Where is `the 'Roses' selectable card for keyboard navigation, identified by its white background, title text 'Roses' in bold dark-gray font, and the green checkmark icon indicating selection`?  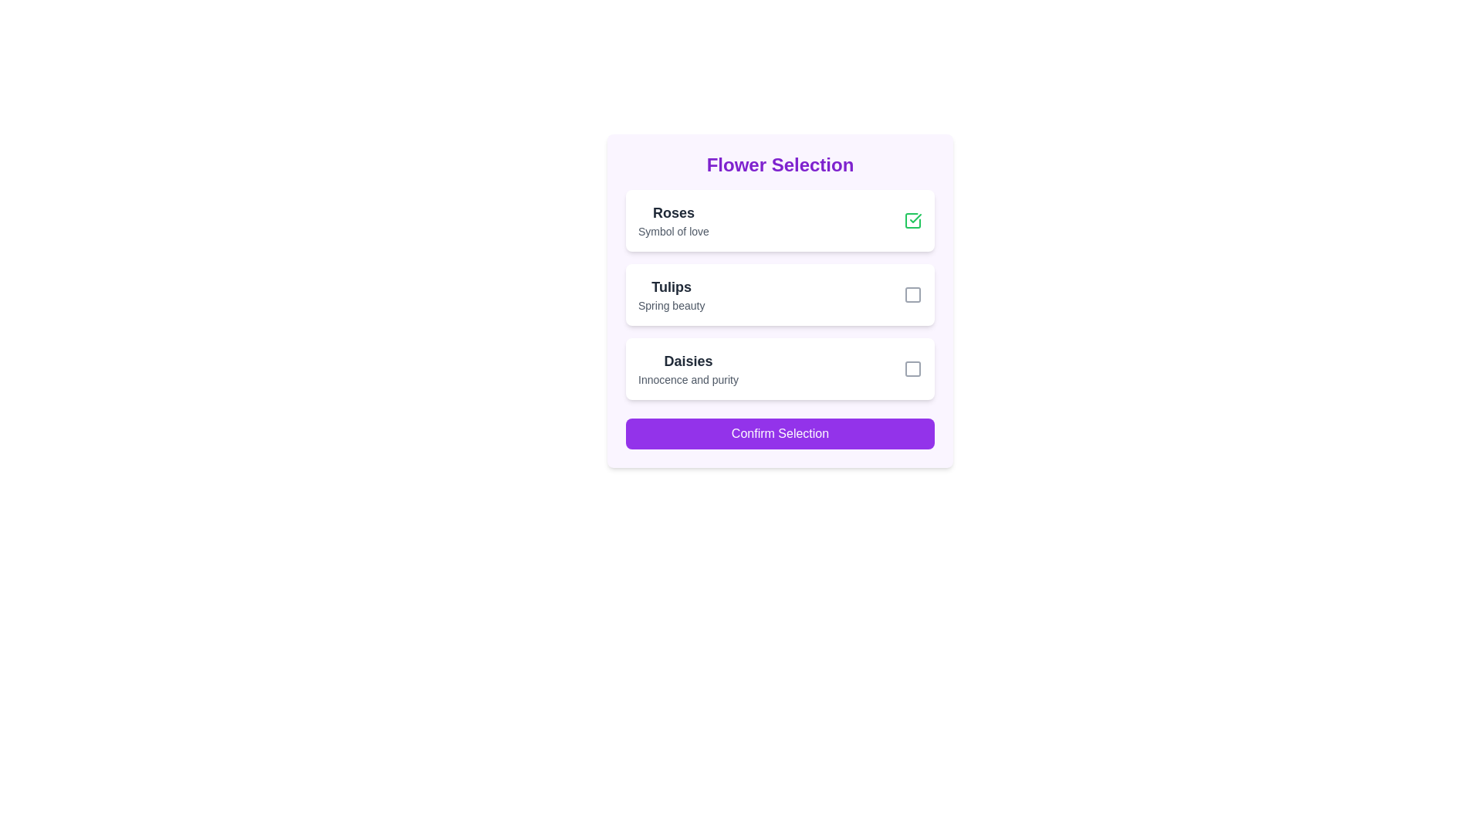 the 'Roses' selectable card for keyboard navigation, identified by its white background, title text 'Roses' in bold dark-gray font, and the green checkmark icon indicating selection is located at coordinates (780, 220).